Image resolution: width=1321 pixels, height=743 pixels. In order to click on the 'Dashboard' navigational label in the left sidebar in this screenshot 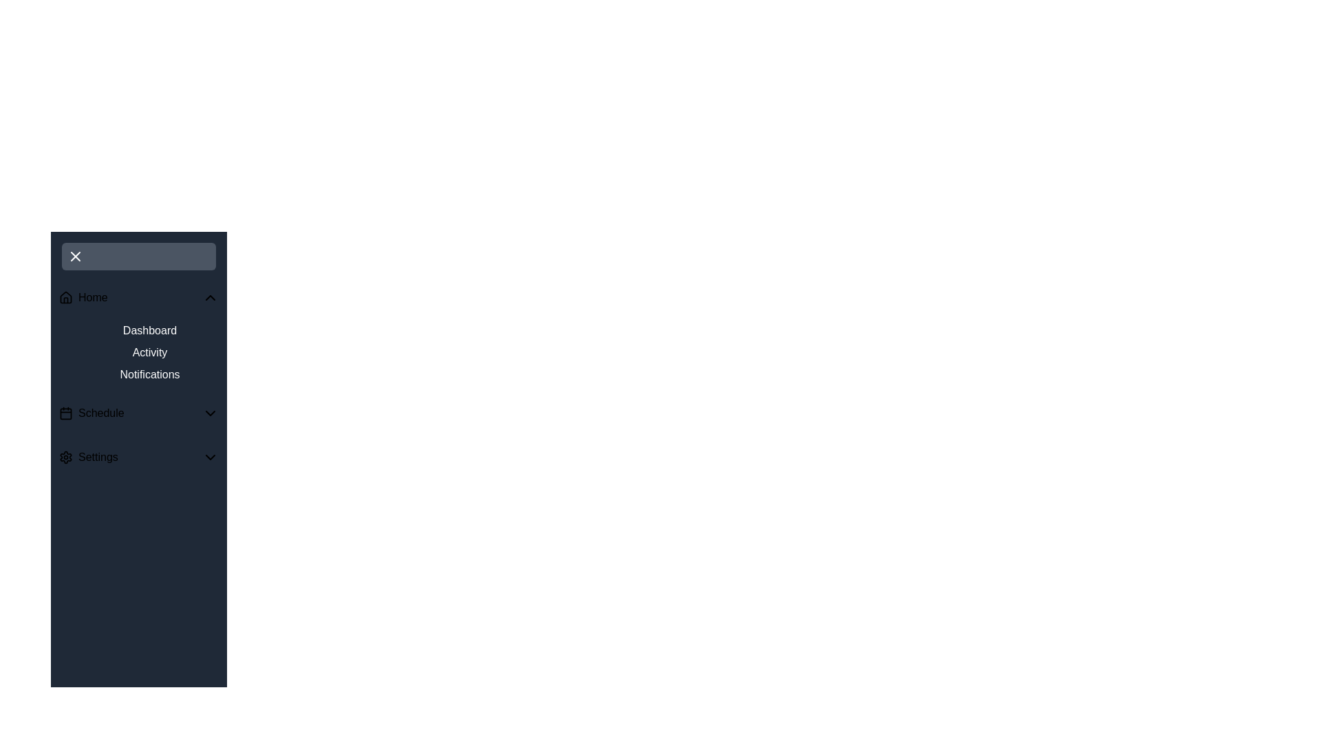, I will do `click(149, 331)`.